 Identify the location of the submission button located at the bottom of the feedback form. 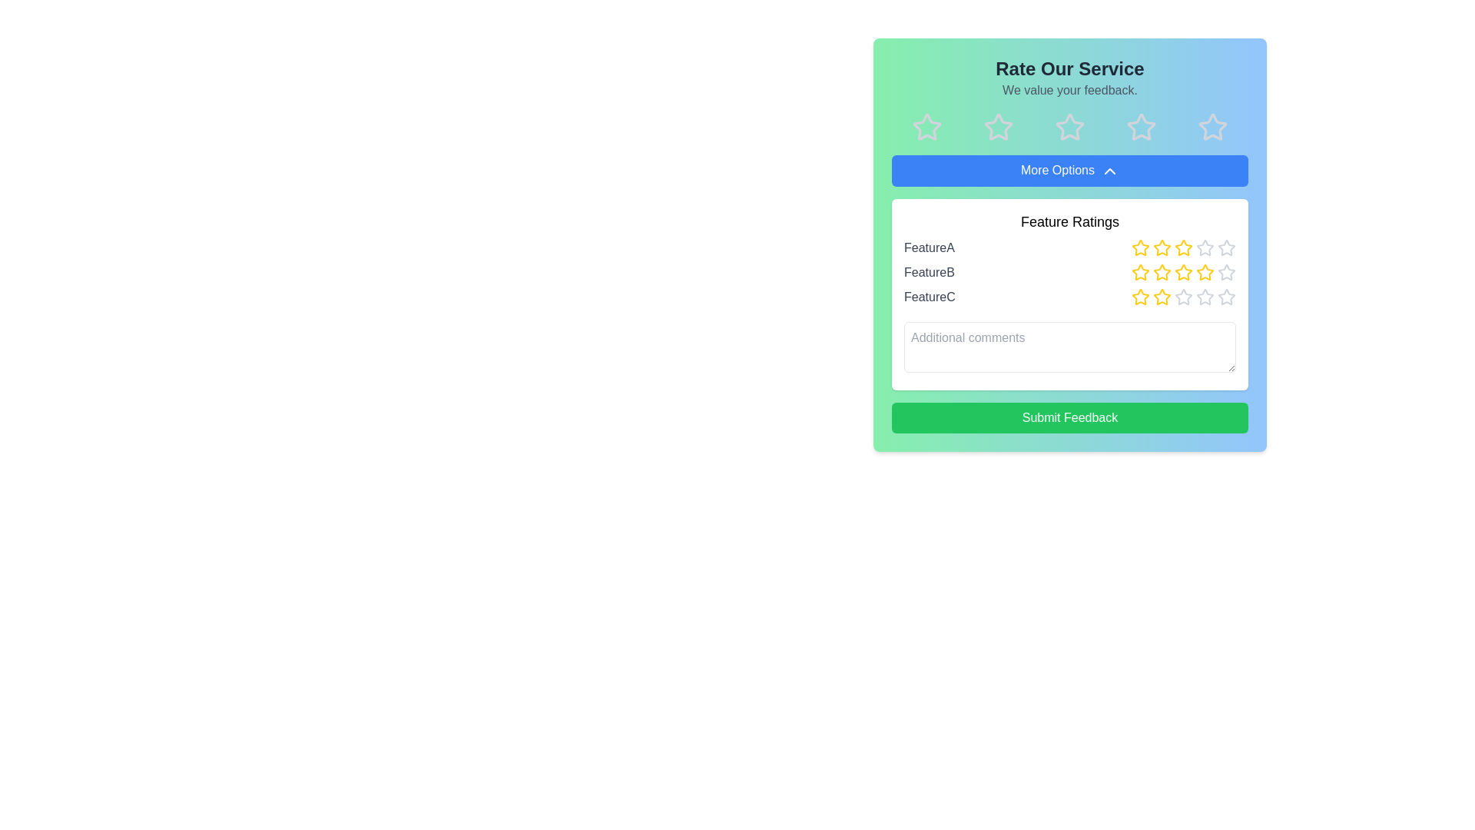
(1069, 417).